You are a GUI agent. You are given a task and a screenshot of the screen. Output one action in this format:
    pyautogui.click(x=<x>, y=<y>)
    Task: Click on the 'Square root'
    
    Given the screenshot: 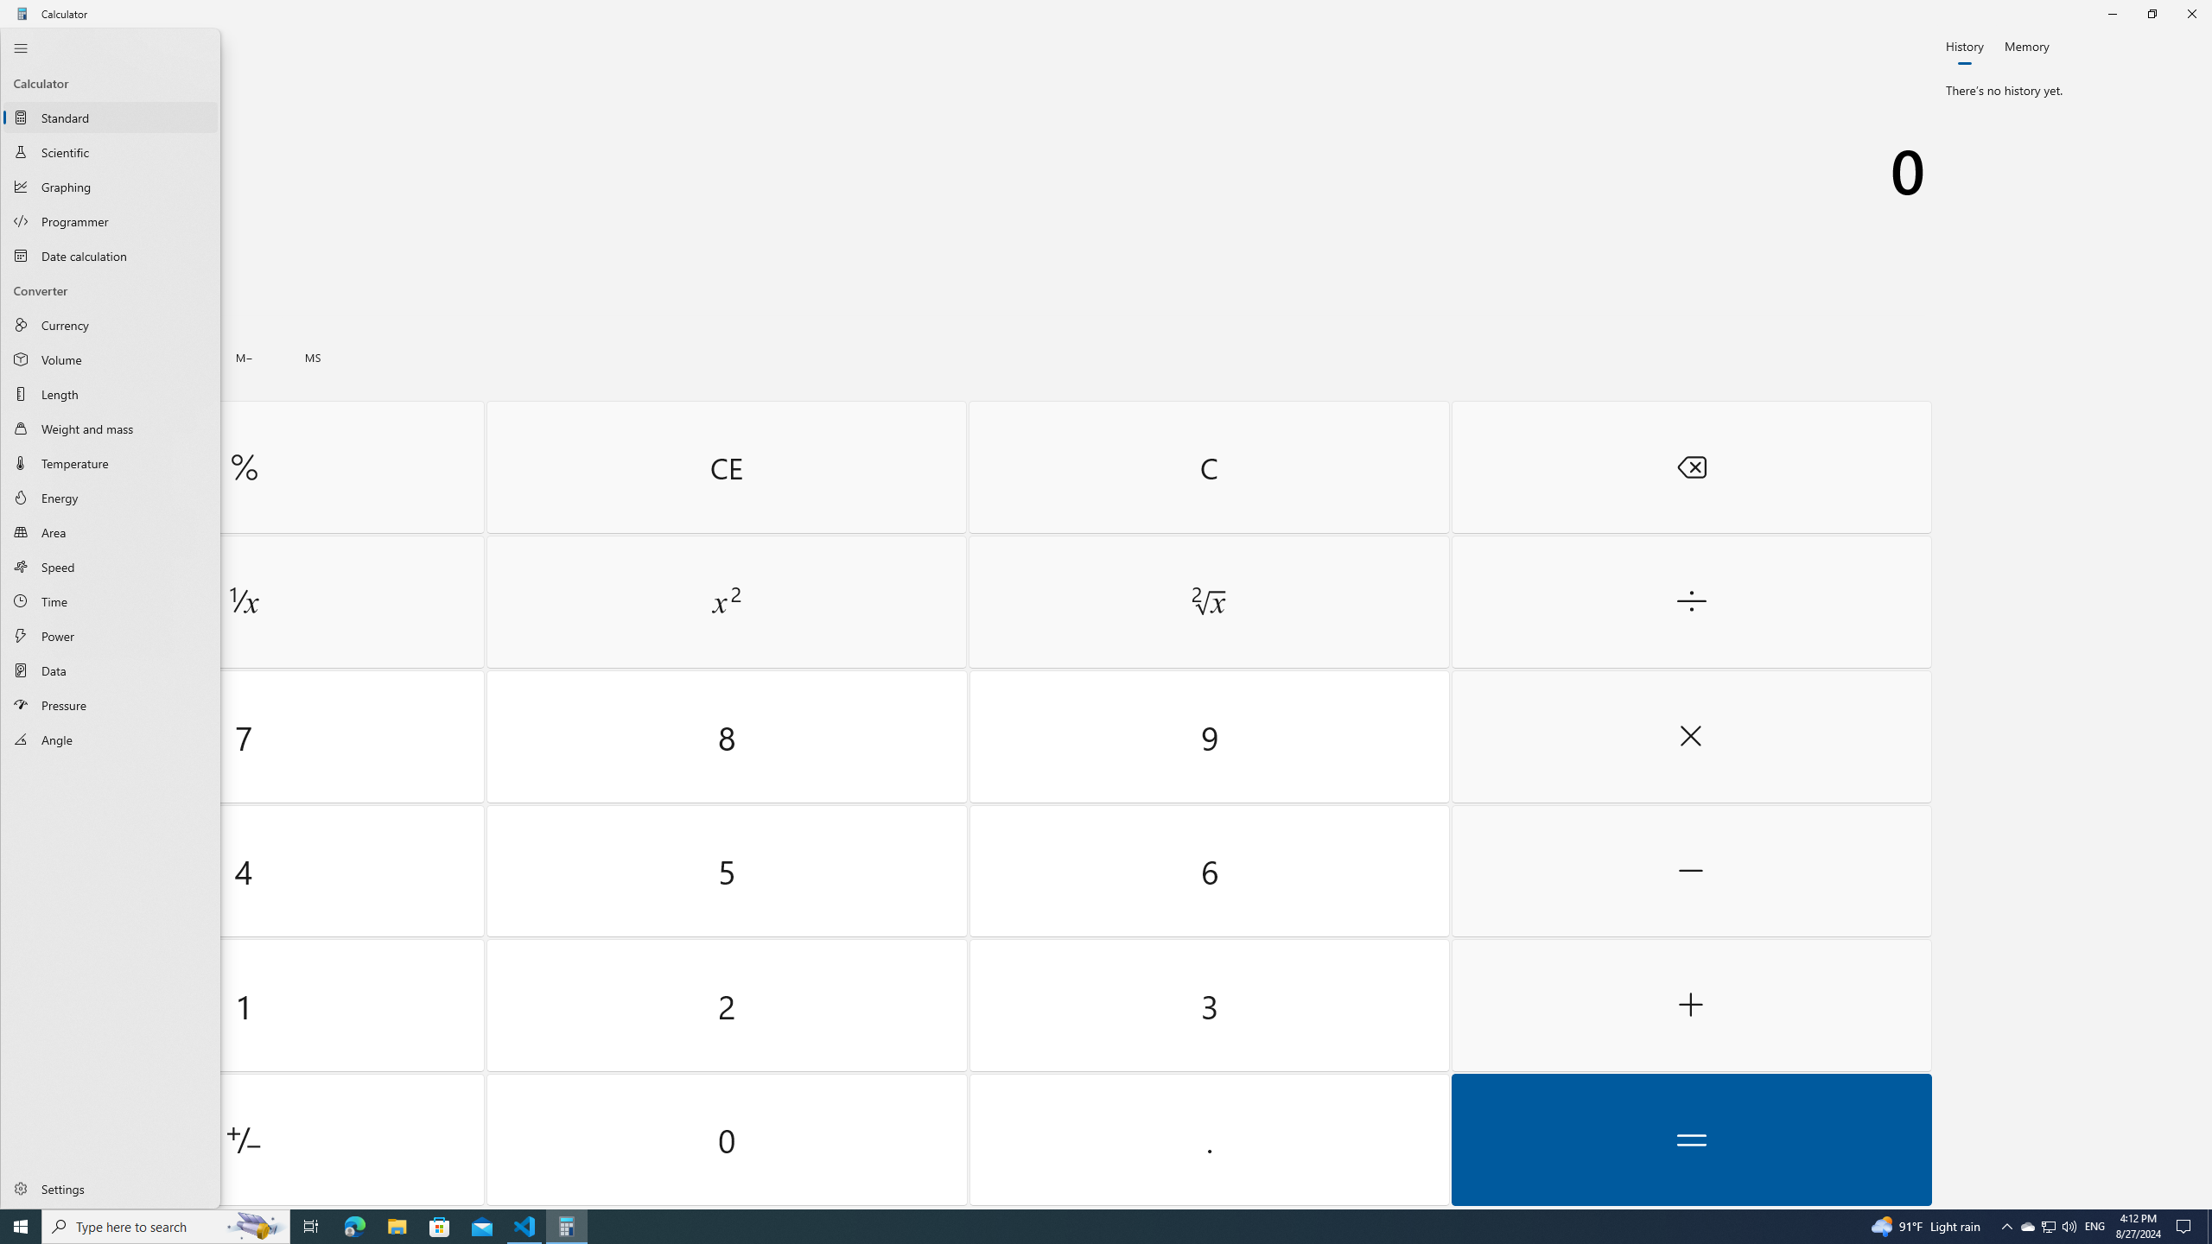 What is the action you would take?
    pyautogui.click(x=1208, y=602)
    